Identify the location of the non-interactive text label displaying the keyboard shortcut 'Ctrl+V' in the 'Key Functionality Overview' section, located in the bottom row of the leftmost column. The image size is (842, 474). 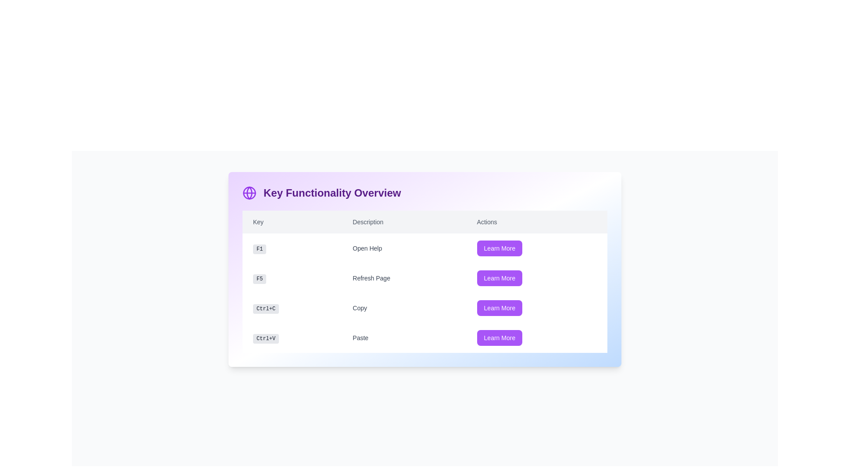
(265, 338).